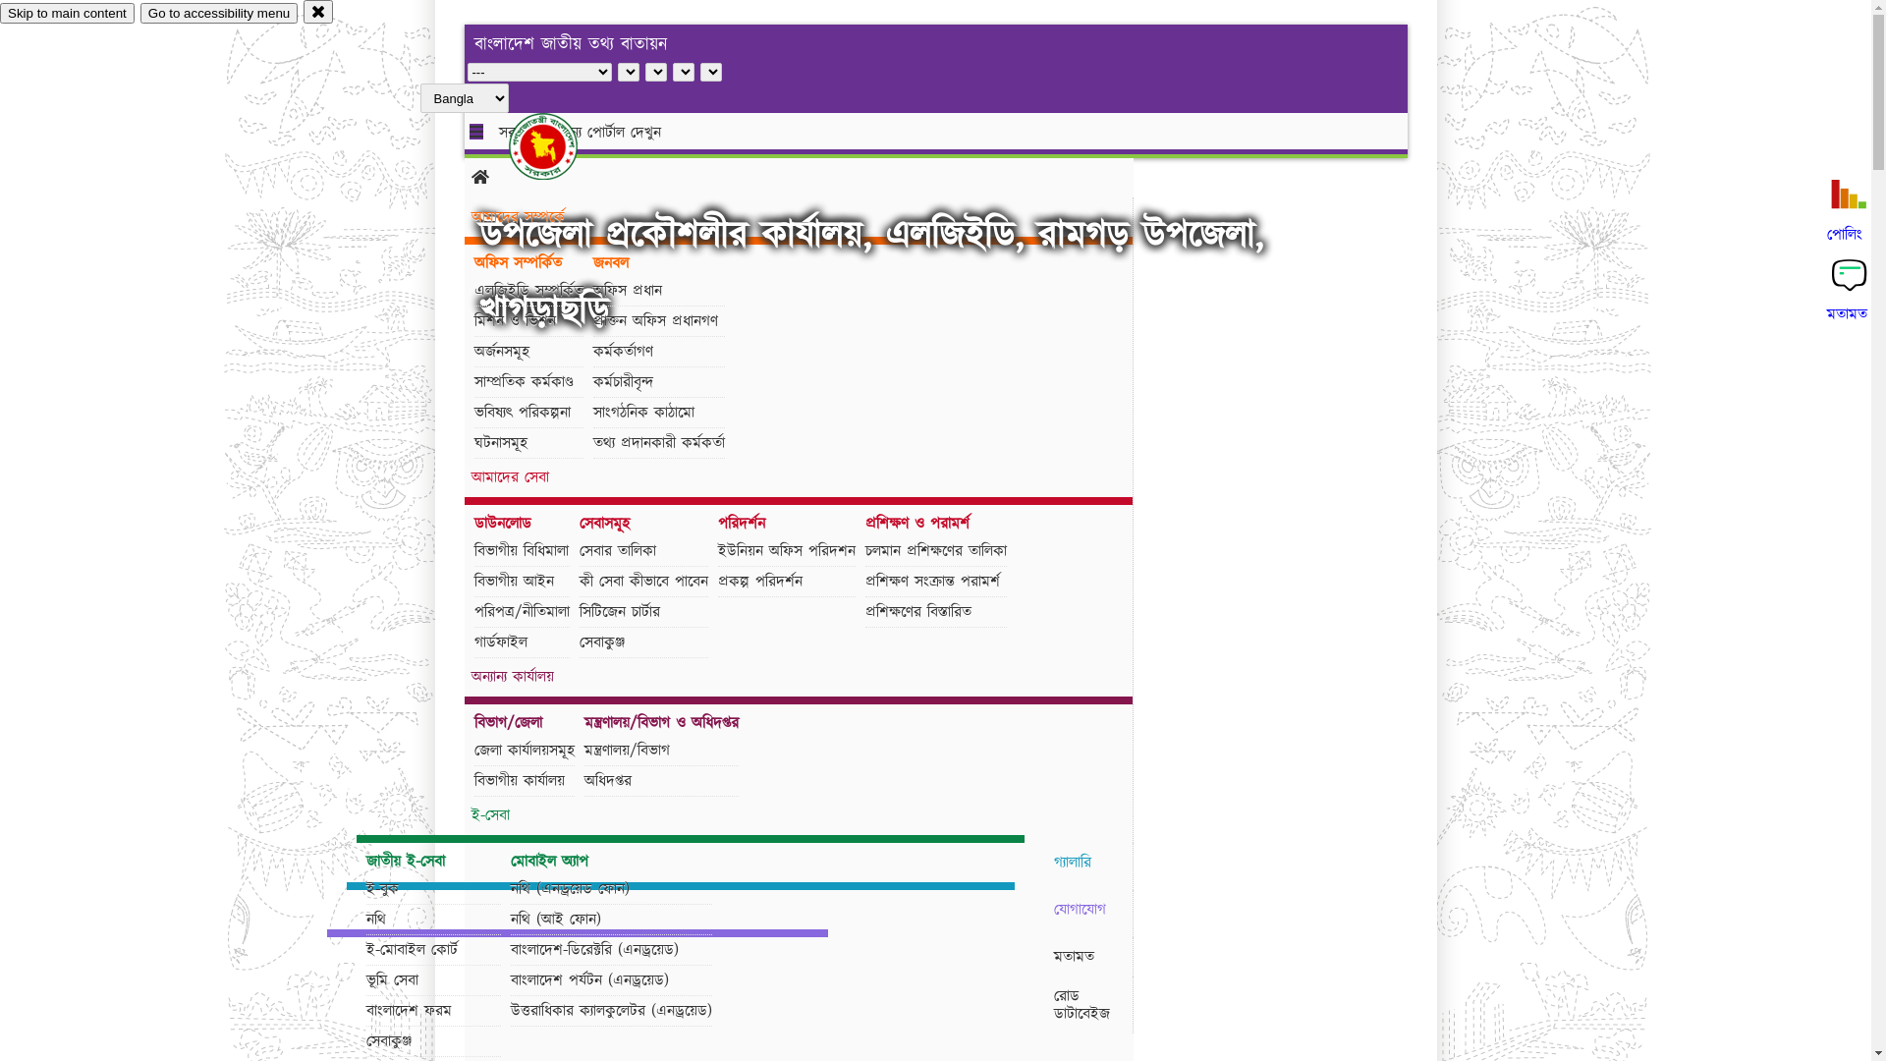 The width and height of the screenshot is (1886, 1061). I want to click on 'Skip to main content', so click(67, 13).